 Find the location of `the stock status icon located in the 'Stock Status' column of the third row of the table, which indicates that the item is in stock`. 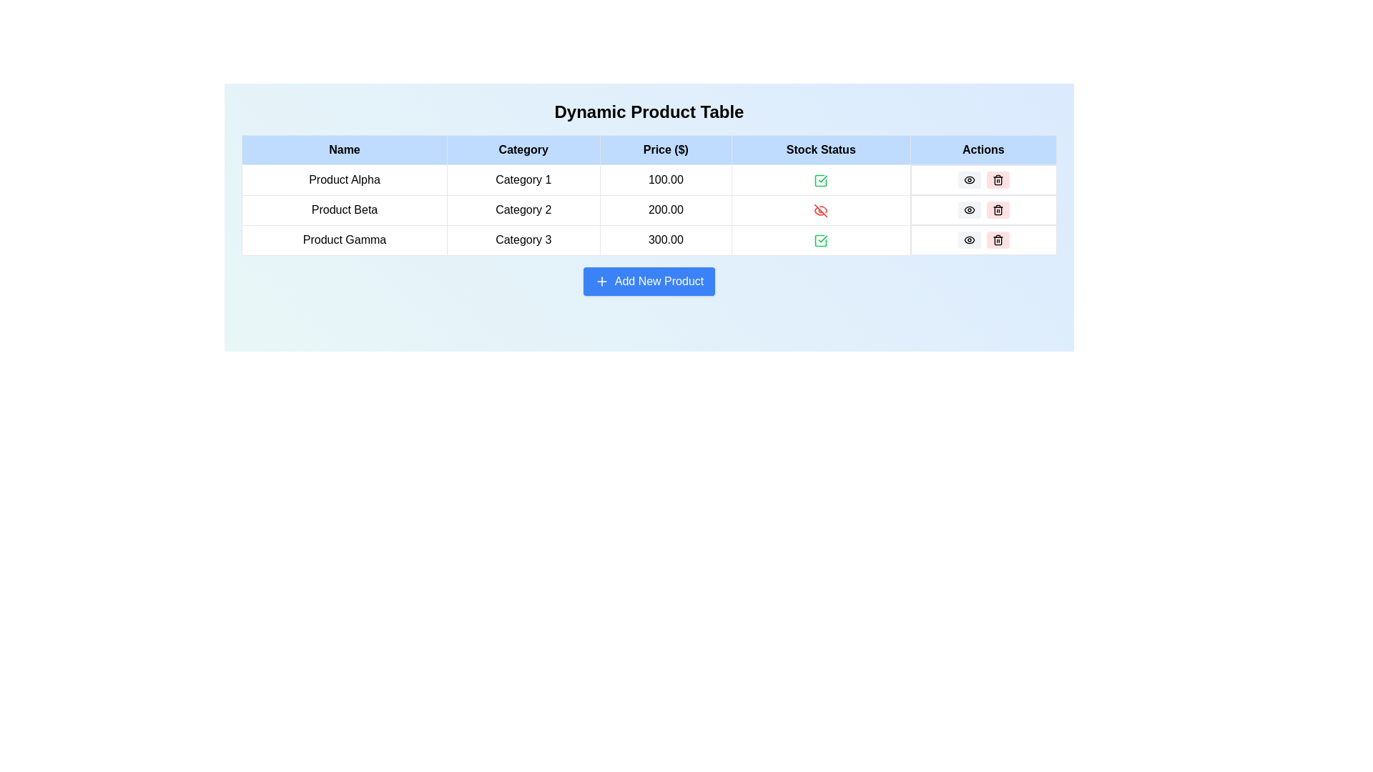

the stock status icon located in the 'Stock Status' column of the third row of the table, which indicates that the item is in stock is located at coordinates (821, 239).